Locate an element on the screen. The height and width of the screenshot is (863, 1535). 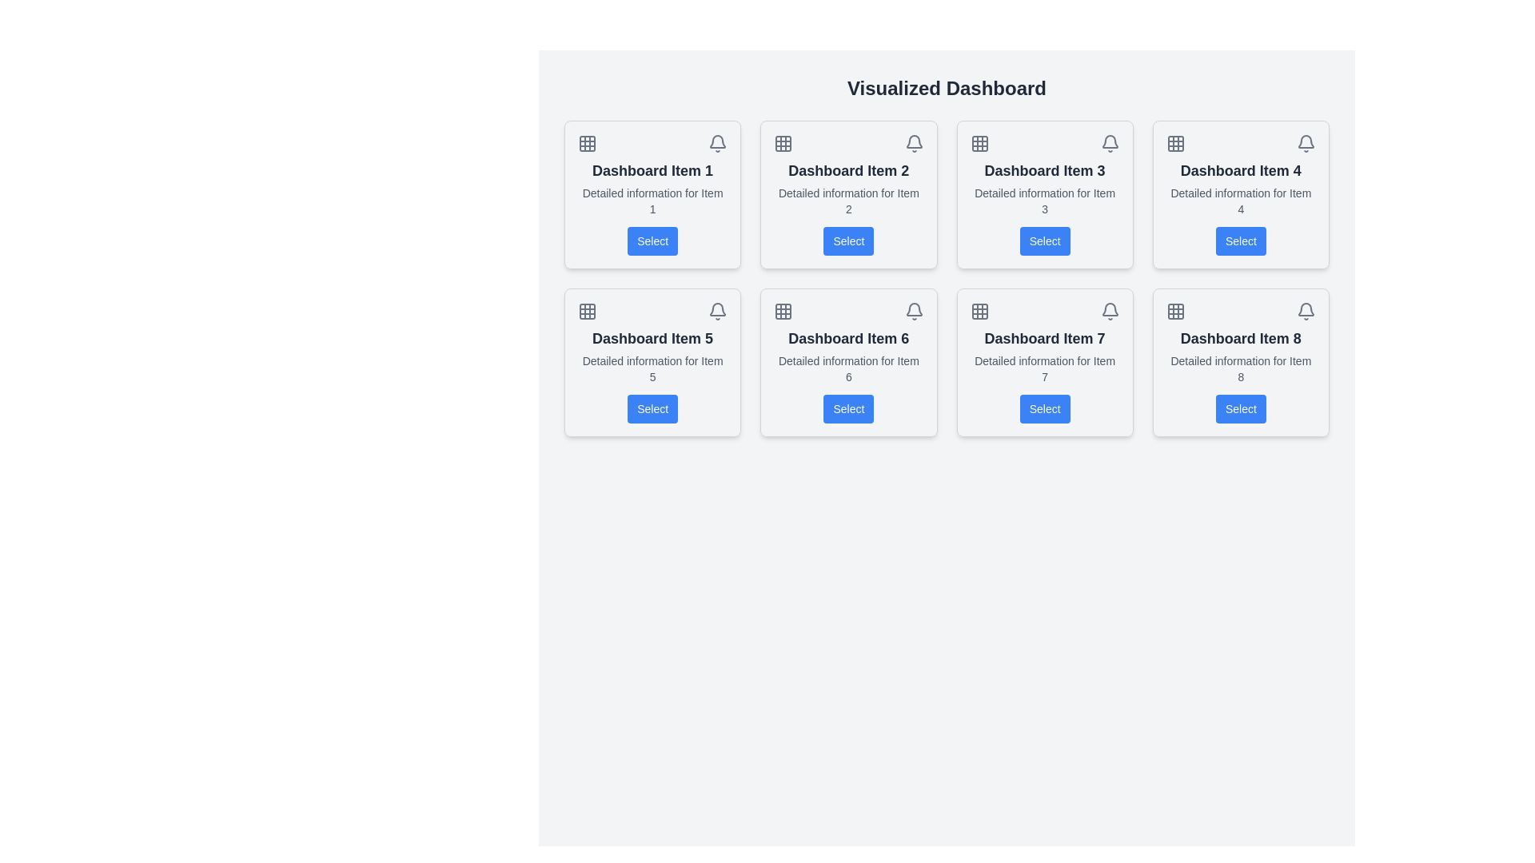
the header text of the eighth card in a 4x2 grid layout, located at the bottom-right corner of the interface is located at coordinates (1240, 338).